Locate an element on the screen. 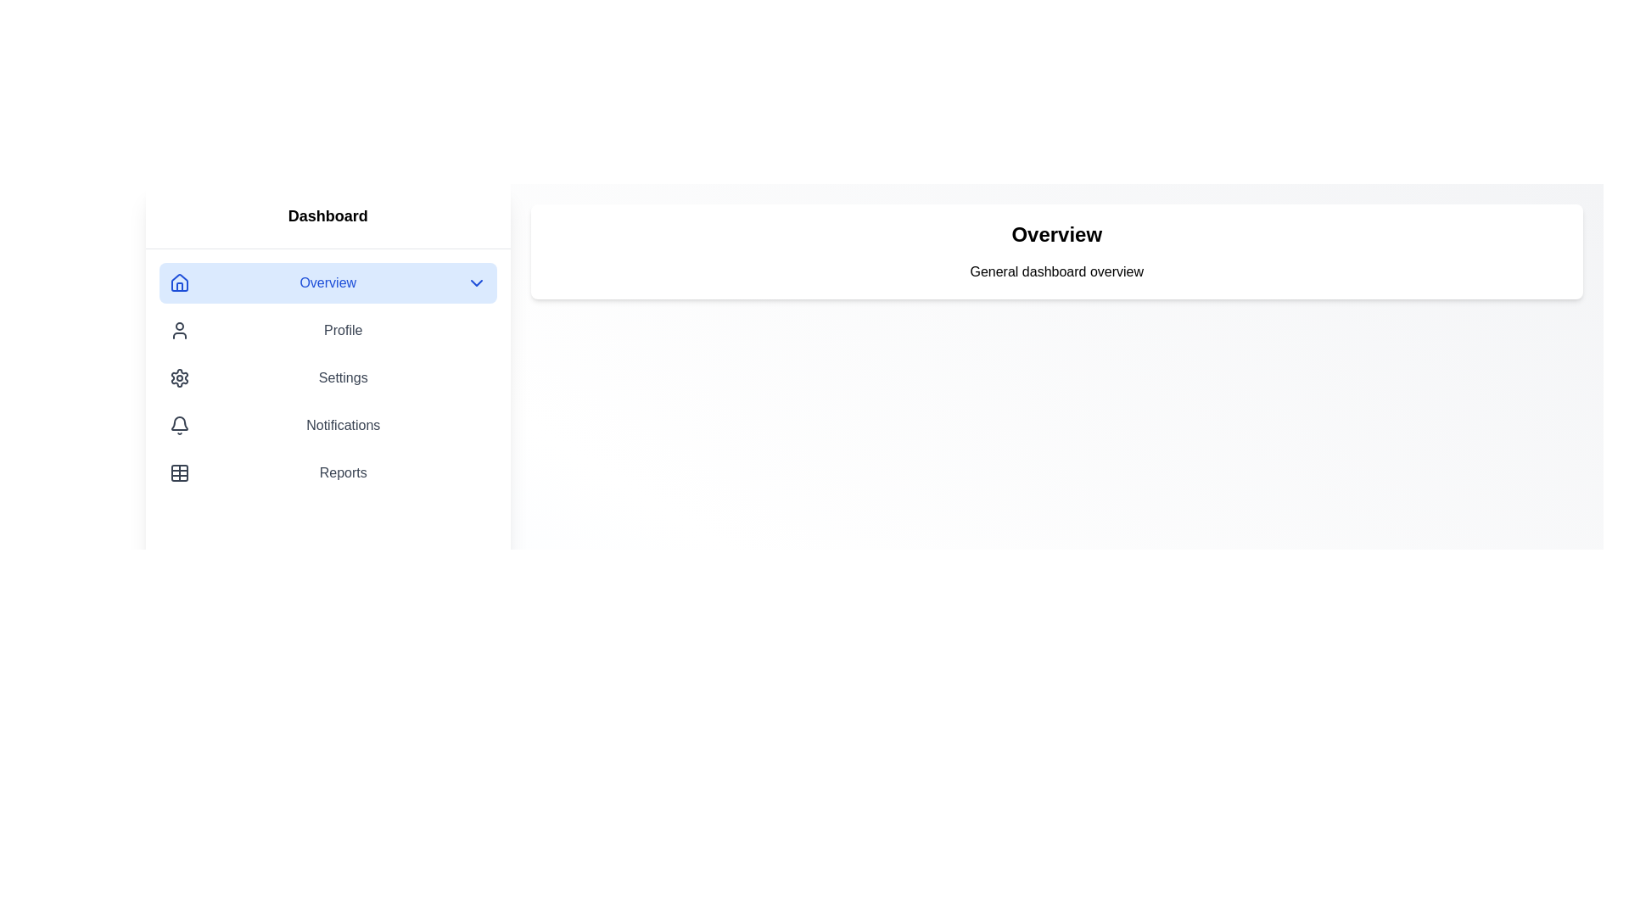  the menu item Reports in the sidebar to navigate to its respective content is located at coordinates (327, 473).